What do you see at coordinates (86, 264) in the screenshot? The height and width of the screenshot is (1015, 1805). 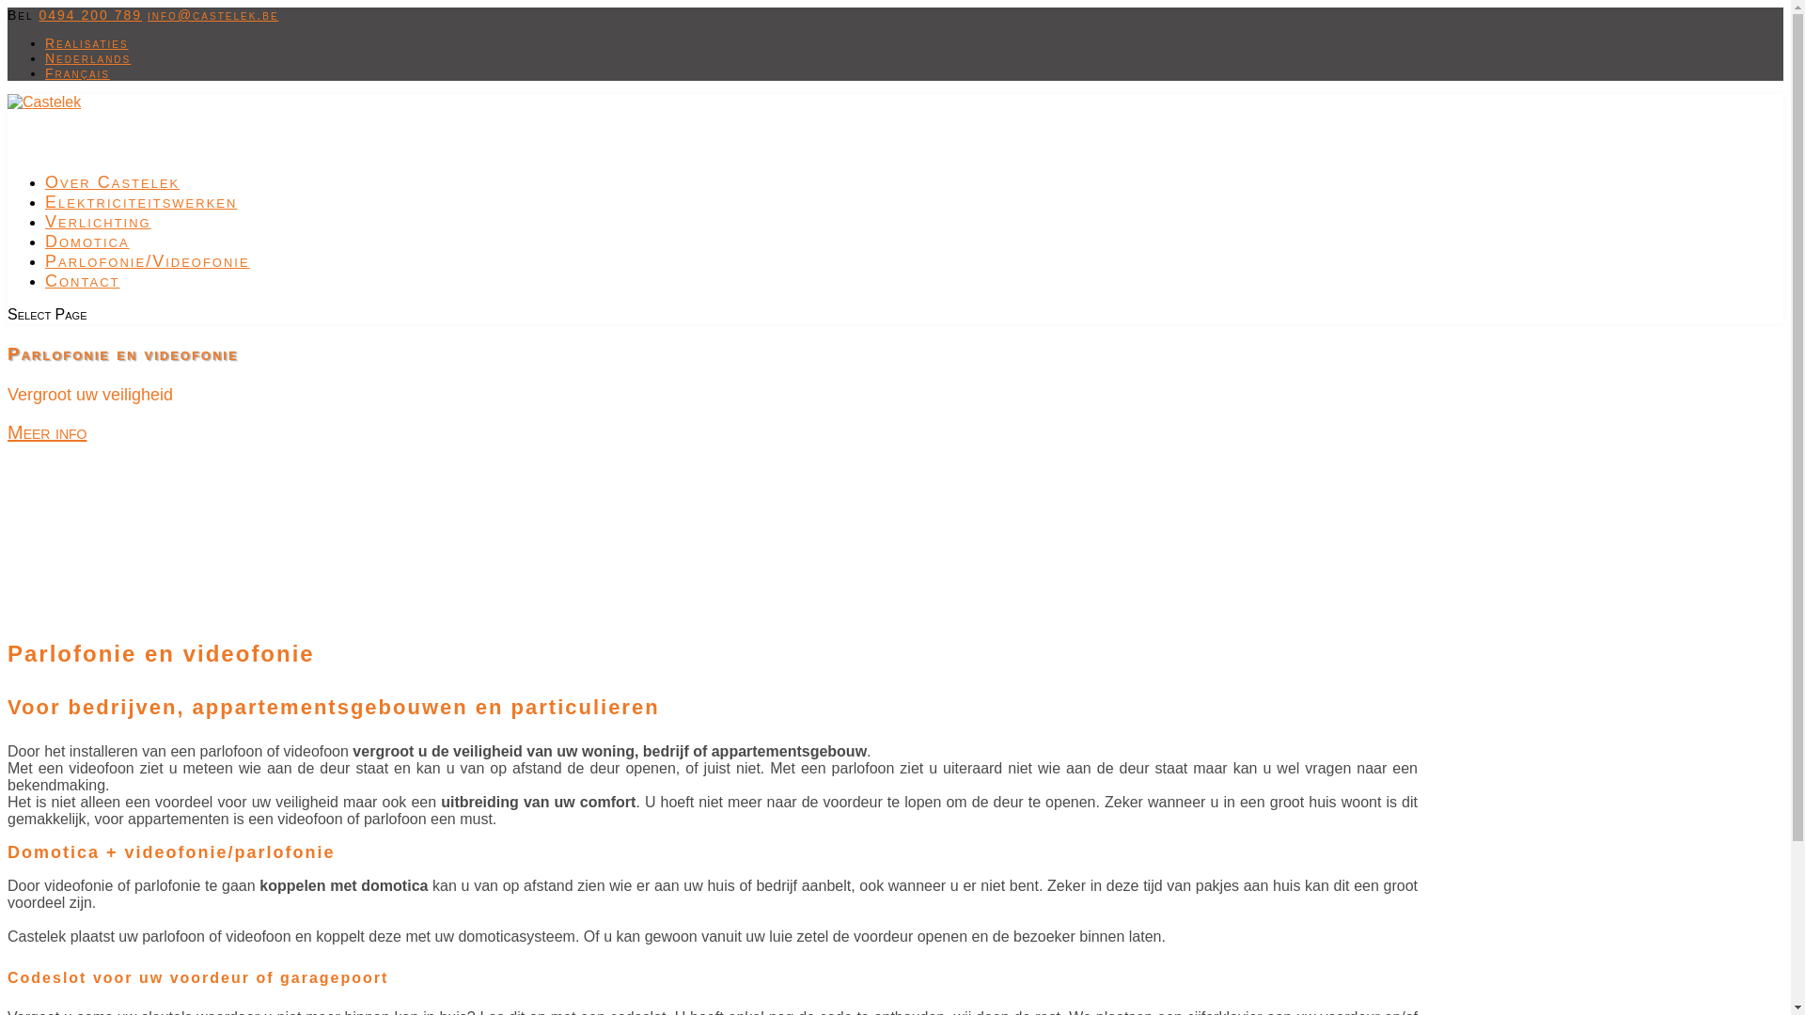 I see `'Domotica'` at bounding box center [86, 264].